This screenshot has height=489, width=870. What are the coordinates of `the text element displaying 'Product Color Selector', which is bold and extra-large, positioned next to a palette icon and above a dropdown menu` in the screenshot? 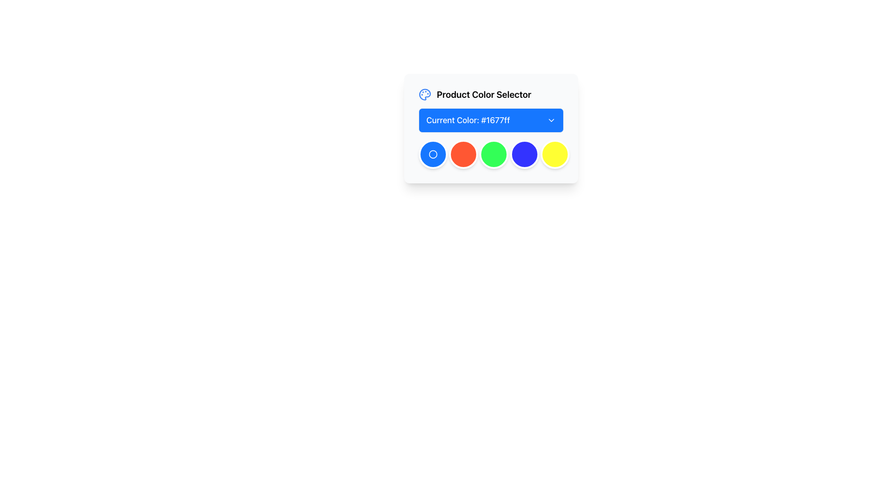 It's located at (483, 94).